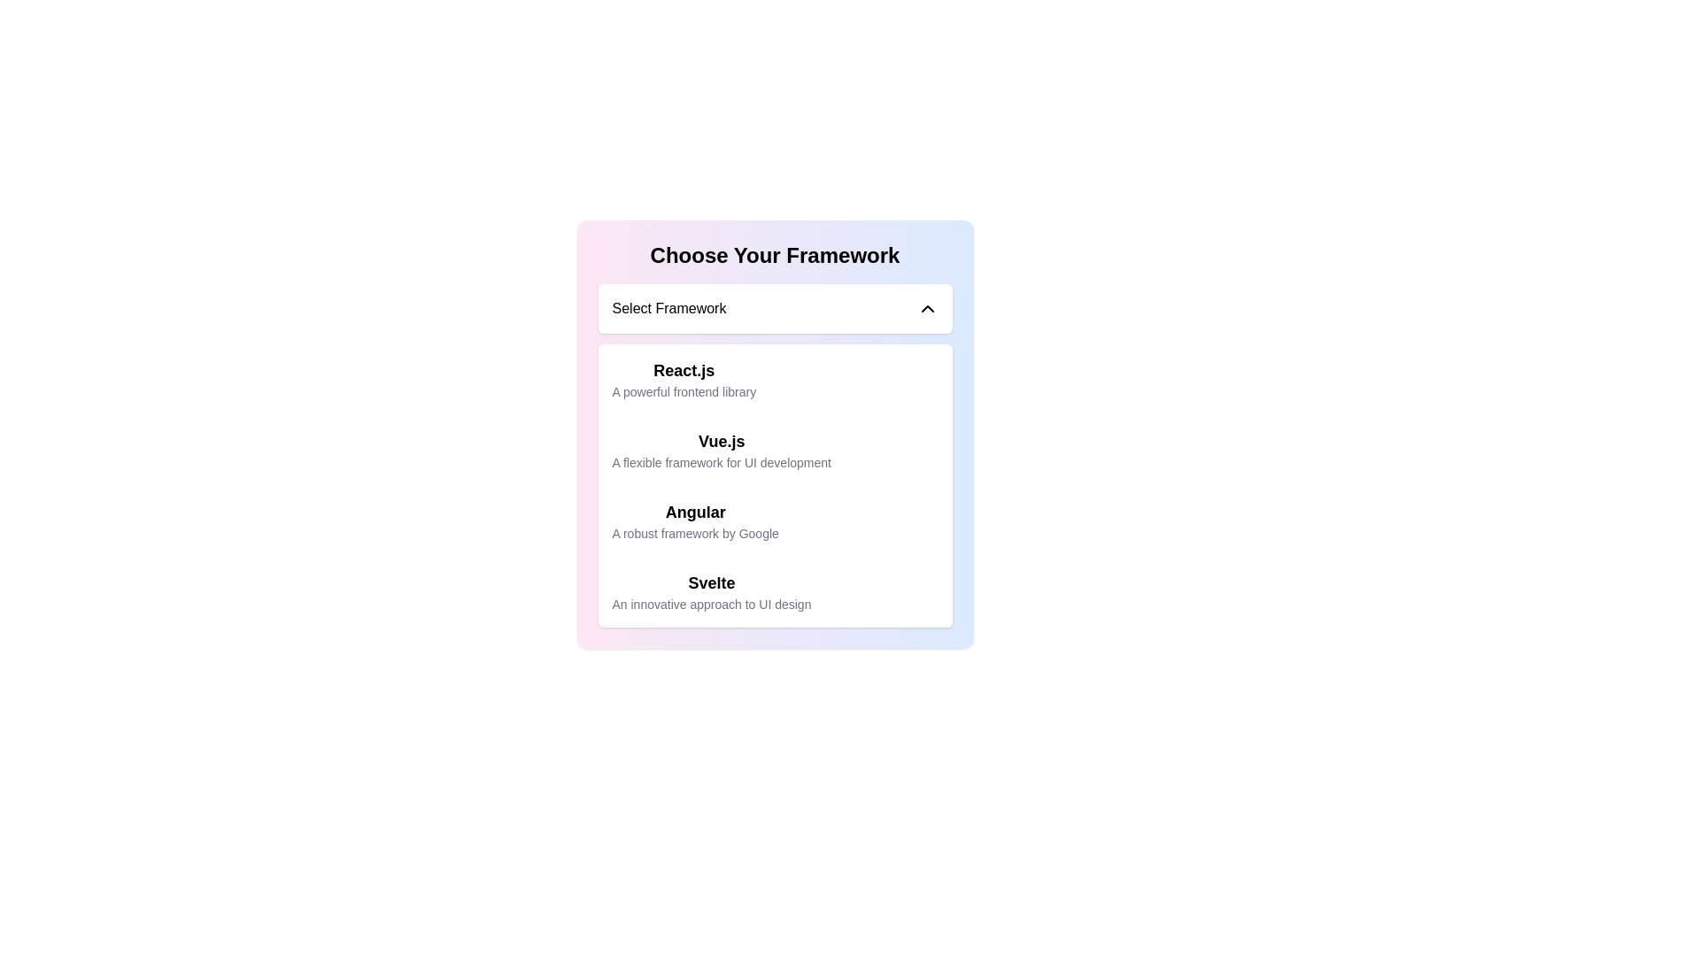 Image resolution: width=1700 pixels, height=956 pixels. Describe the element at coordinates (722, 450) in the screenshot. I see `the selectable list item labeled 'Vue.js' which is the second item under 'Choose Your Framework'` at that location.